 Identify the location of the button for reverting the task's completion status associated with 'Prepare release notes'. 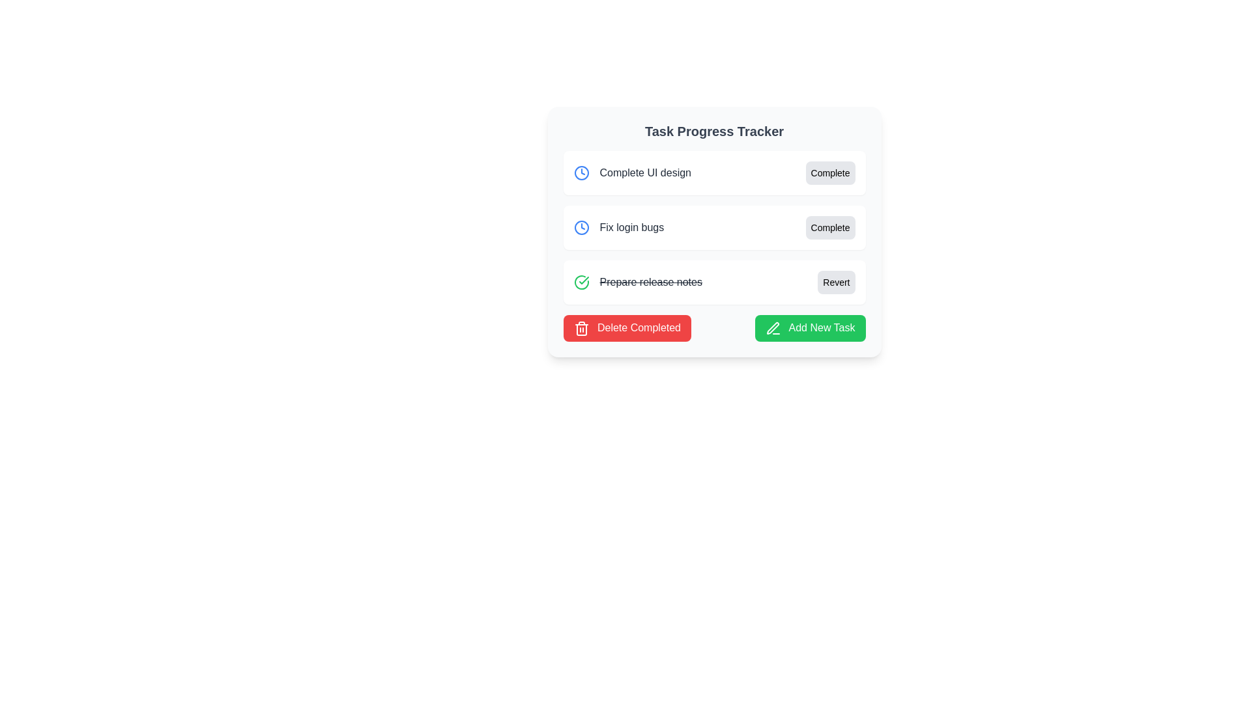
(835, 282).